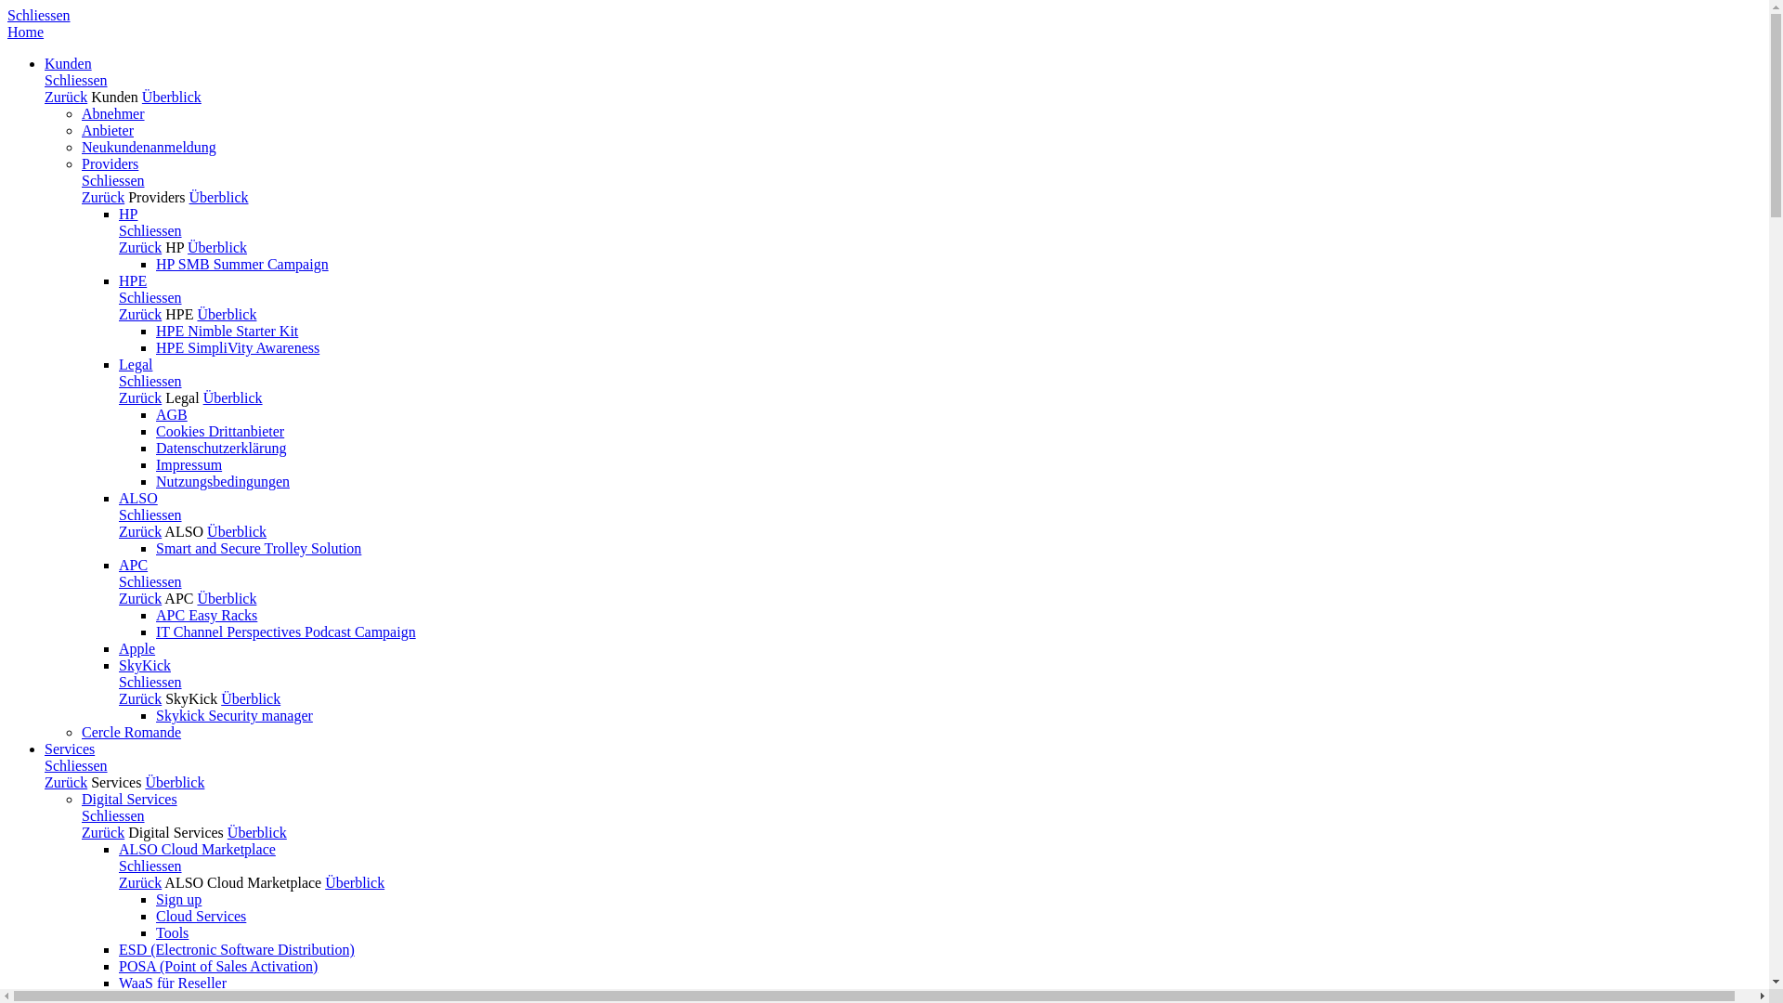 The width and height of the screenshot is (1783, 1003). I want to click on 'Abnehmer', so click(111, 113).